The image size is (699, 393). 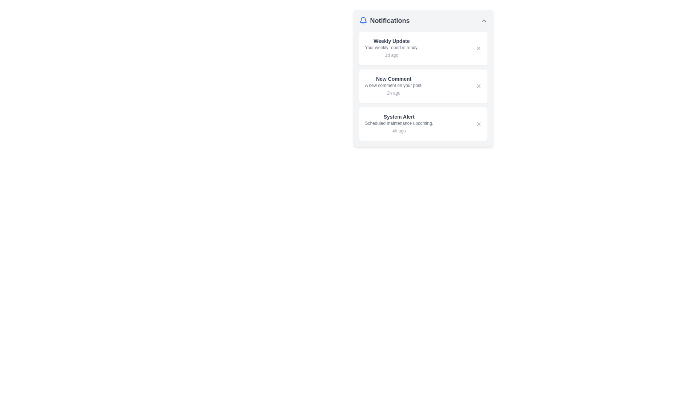 I want to click on the arrow button located at the top-right corner of the notification panel header, so click(x=483, y=20).